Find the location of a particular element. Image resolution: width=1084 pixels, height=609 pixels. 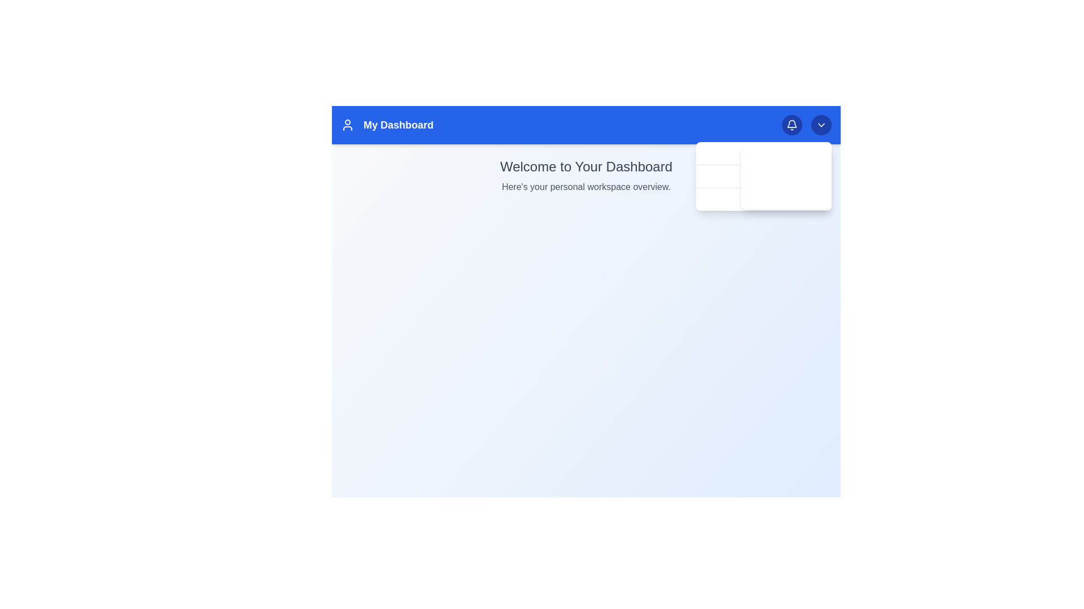

the small, downward-facing chevron icon located in the center of a circular button in the top-right corner of the interface is located at coordinates (821, 125).